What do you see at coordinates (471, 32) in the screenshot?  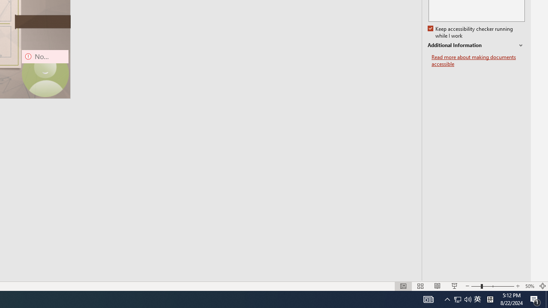 I see `'Keep accessibility checker running while I work'` at bounding box center [471, 32].